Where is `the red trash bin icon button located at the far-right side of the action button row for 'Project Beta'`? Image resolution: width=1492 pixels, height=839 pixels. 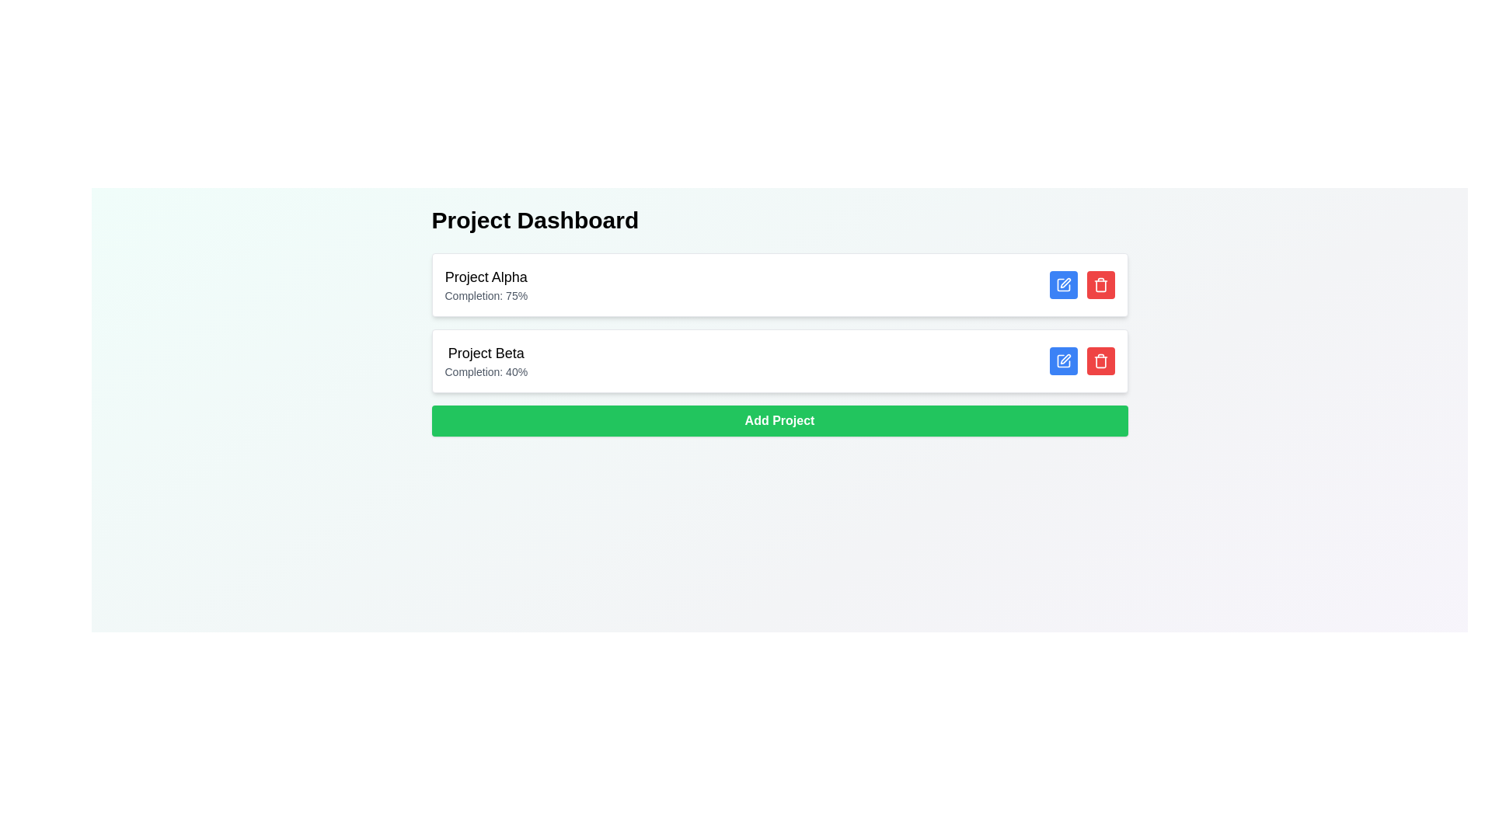 the red trash bin icon button located at the far-right side of the action button row for 'Project Beta' is located at coordinates (1100, 361).